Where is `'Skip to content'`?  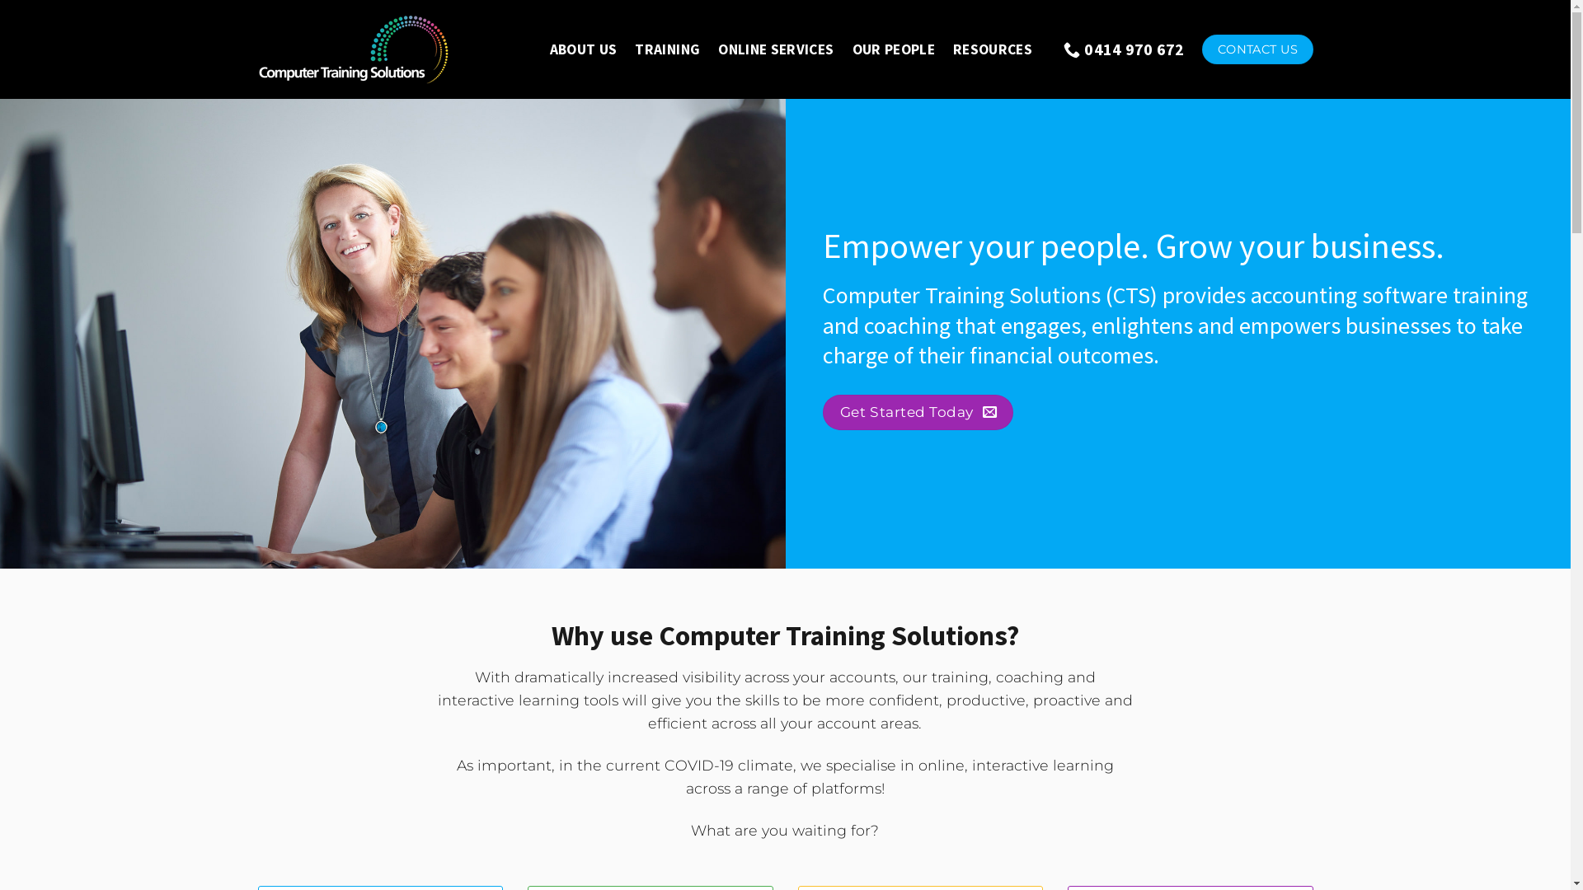
'Skip to content' is located at coordinates (0, 0).